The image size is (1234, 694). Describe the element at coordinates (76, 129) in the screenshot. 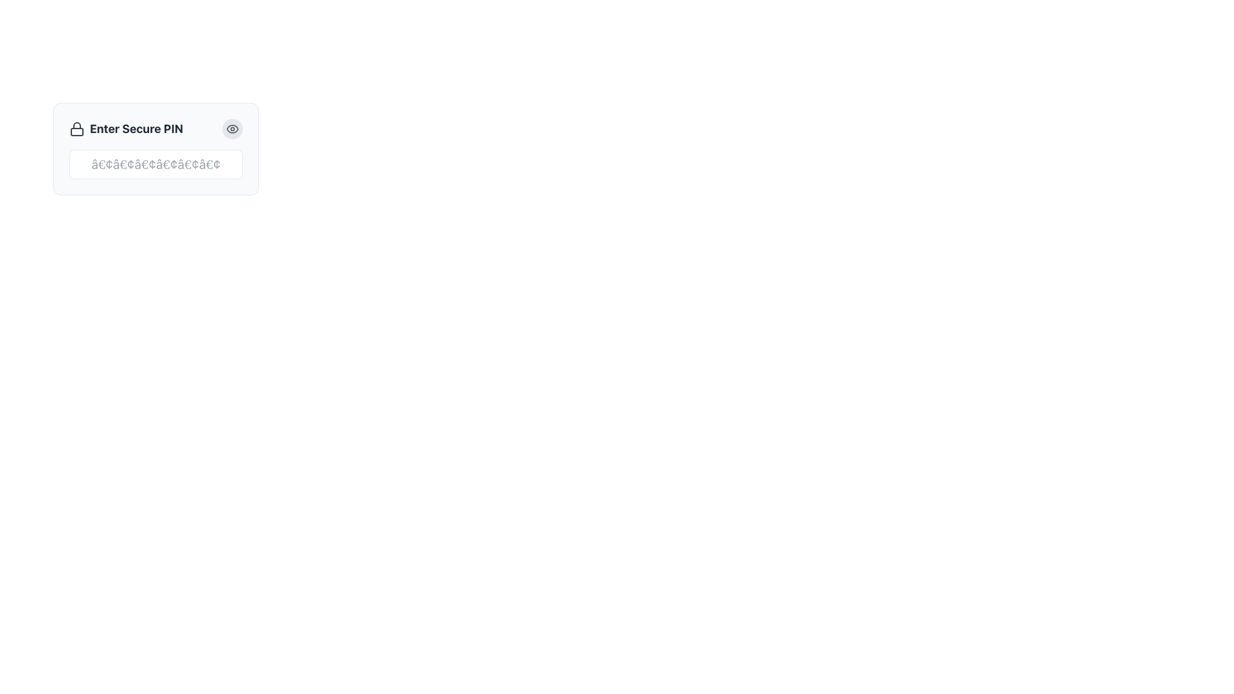

I see `the lock icon, which is gray and has a modern outline design, located to the left of the 'Enter Secure PIN' label` at that location.